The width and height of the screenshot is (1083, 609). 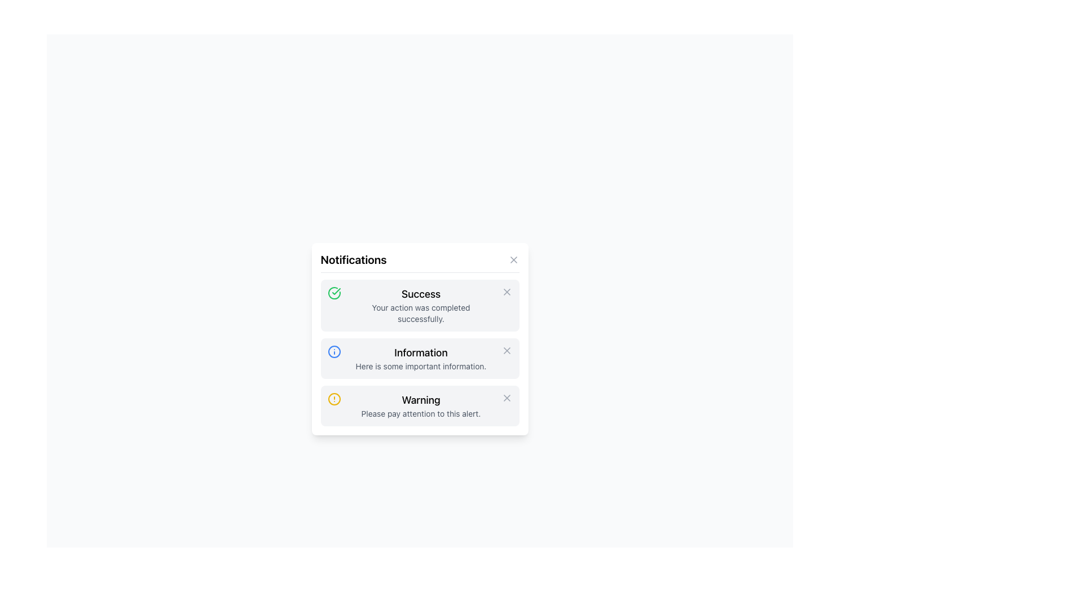 I want to click on text element located within the 'Information' notification box, specifically the second line of text directly below the word 'Information', so click(x=420, y=366).